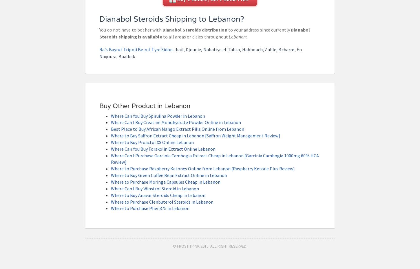 This screenshot has width=420, height=269. Describe the element at coordinates (172, 19) in the screenshot. I see `'Dianabol Steroids Shipping to Lebanon?'` at that location.